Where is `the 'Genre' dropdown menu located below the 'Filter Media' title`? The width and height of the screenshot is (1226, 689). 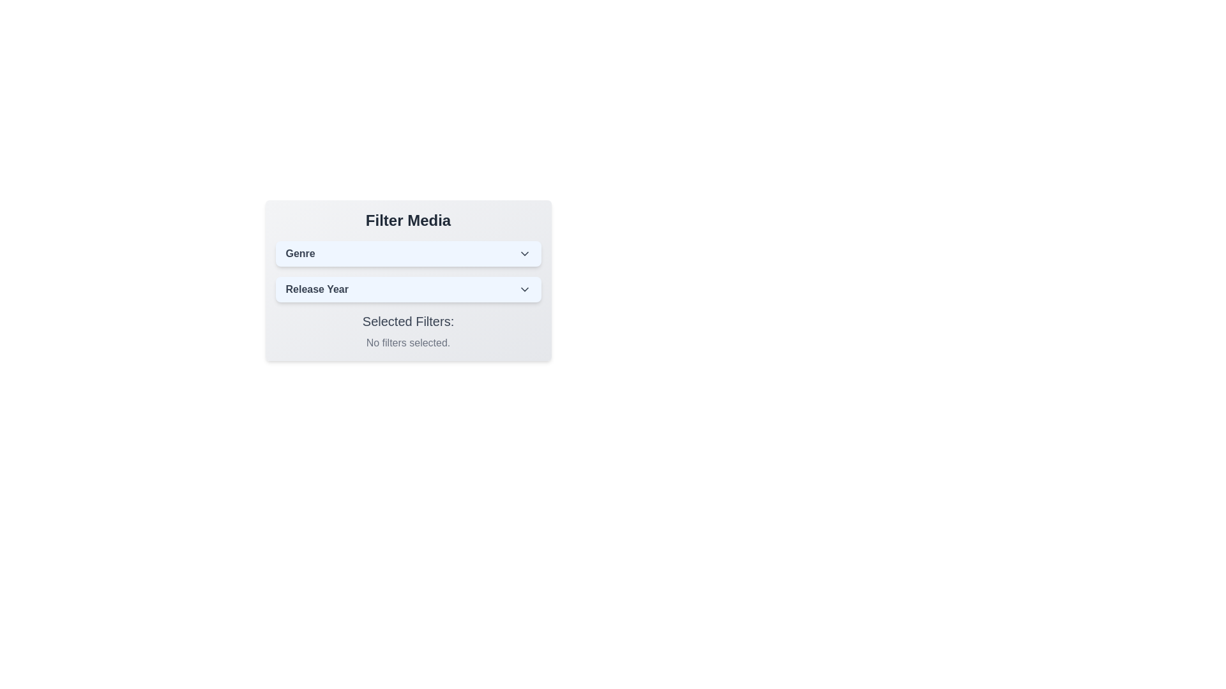 the 'Genre' dropdown menu located below the 'Filter Media' title is located at coordinates (407, 253).